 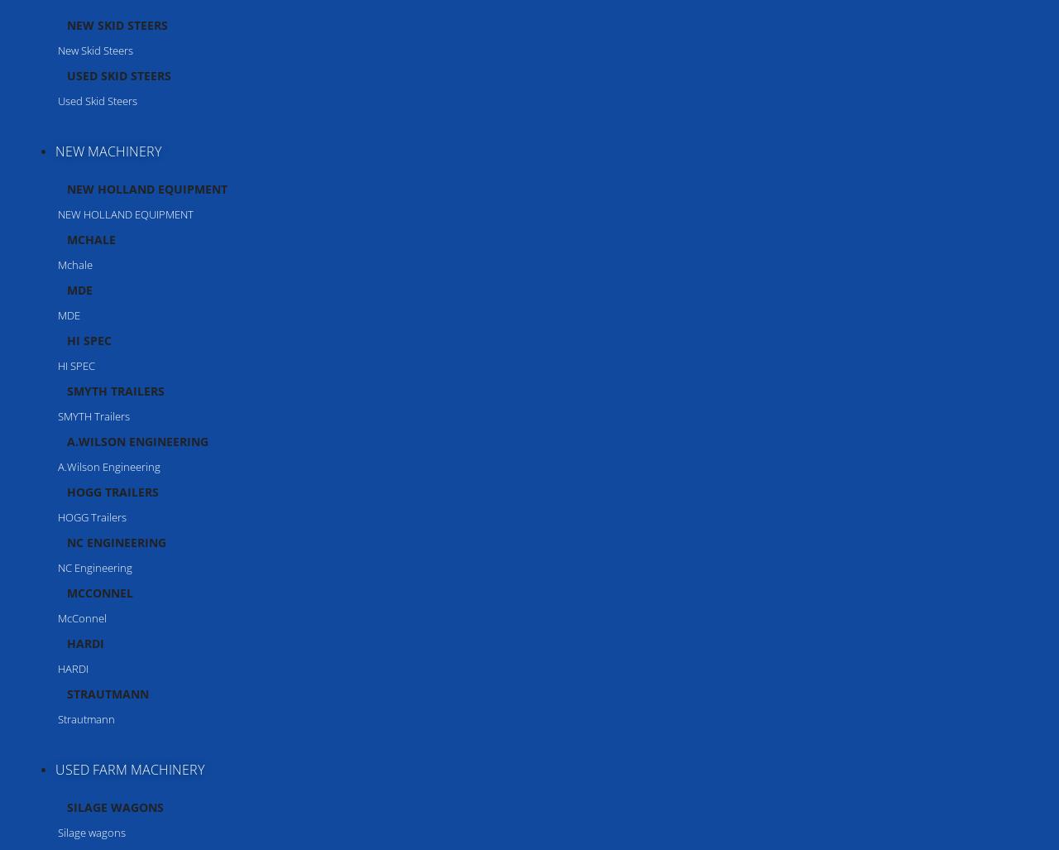 What do you see at coordinates (89, 588) in the screenshot?
I see `'•   Bit storage within handle'` at bounding box center [89, 588].